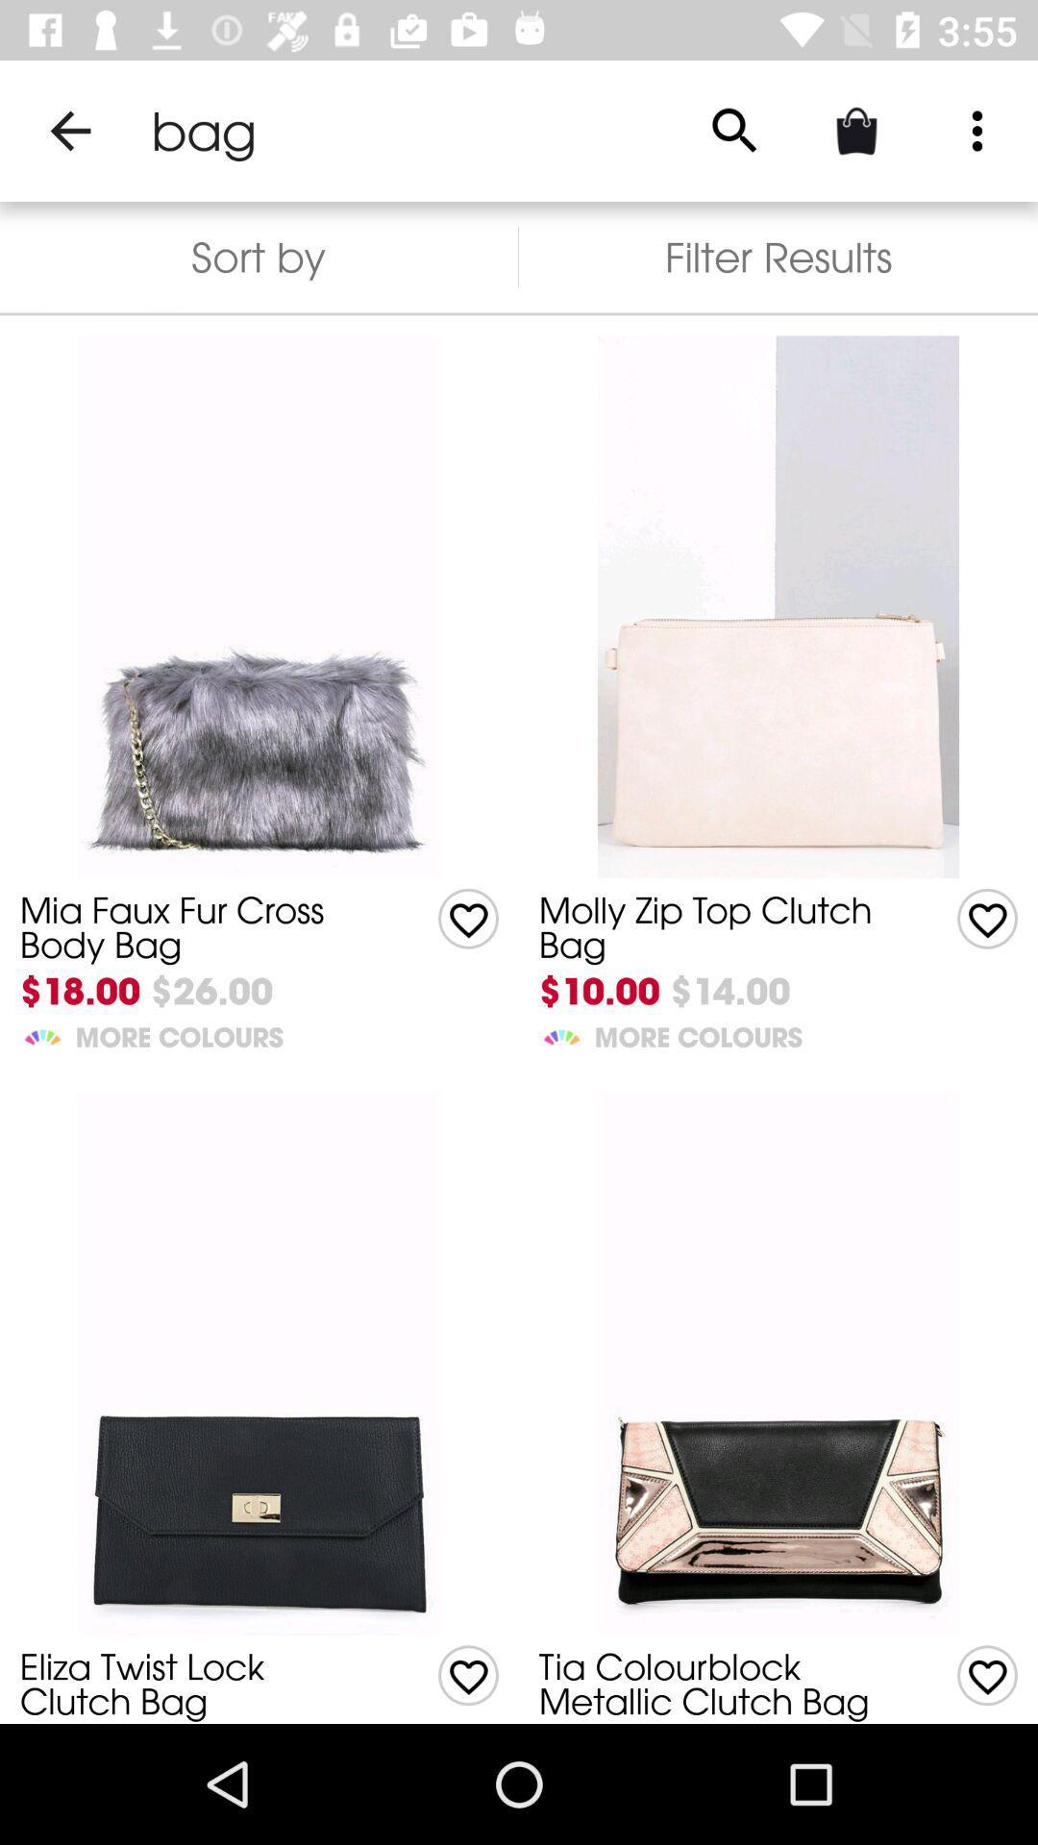  What do you see at coordinates (718, 927) in the screenshot?
I see `the molly zip top` at bounding box center [718, 927].